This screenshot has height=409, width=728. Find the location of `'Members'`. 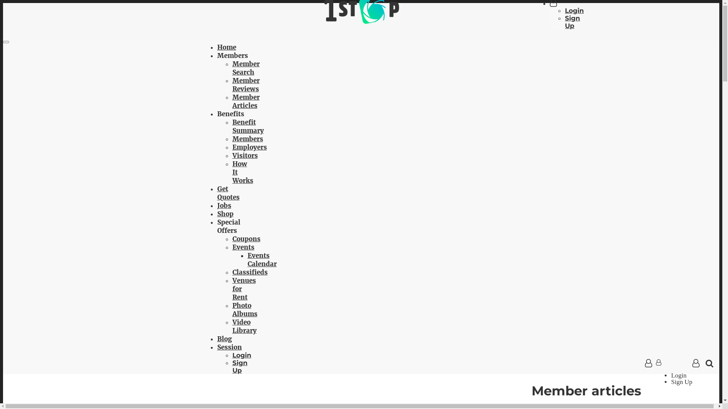

'Members' is located at coordinates (231, 139).